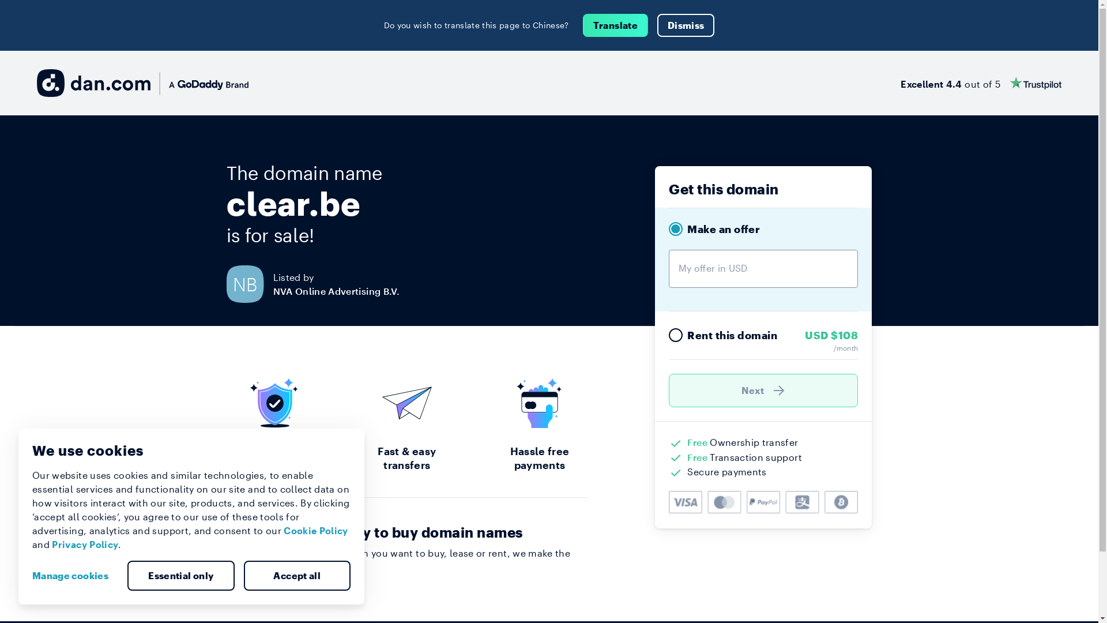  What do you see at coordinates (899, 82) in the screenshot?
I see `'Excellent 4.4 out of 5'` at bounding box center [899, 82].